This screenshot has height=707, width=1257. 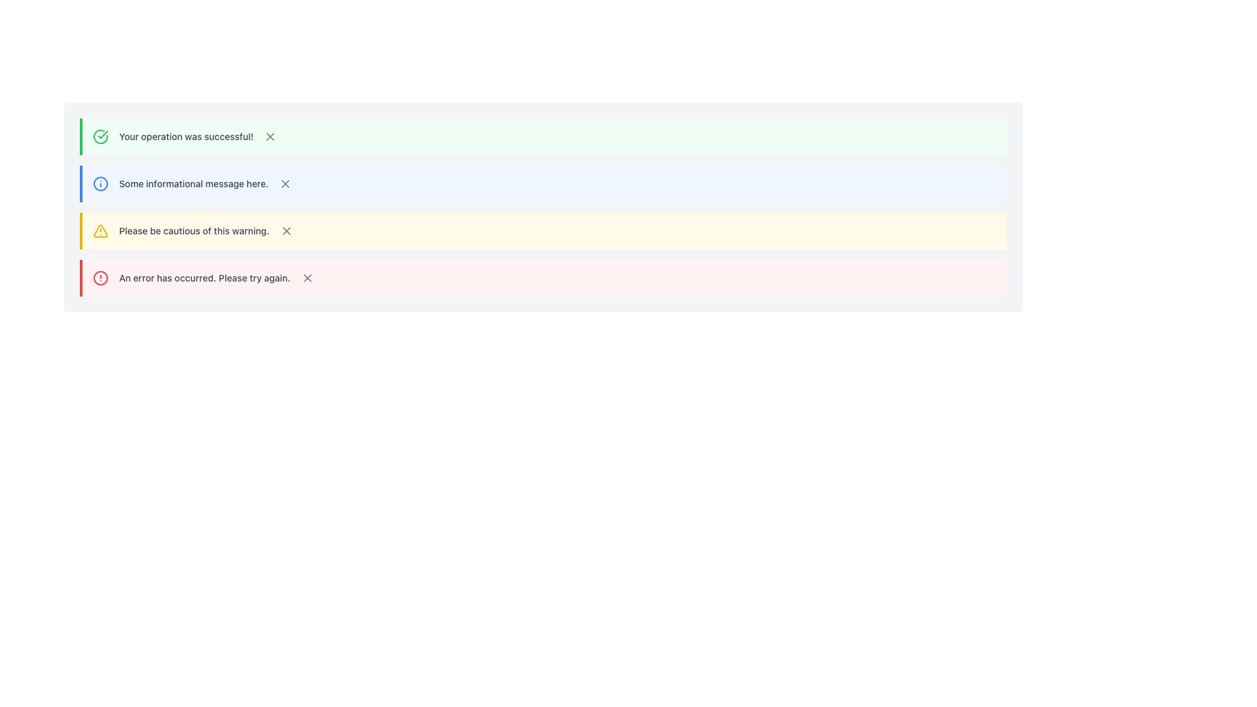 What do you see at coordinates (285, 230) in the screenshot?
I see `the close button, which is a small square icon with a cross` at bounding box center [285, 230].